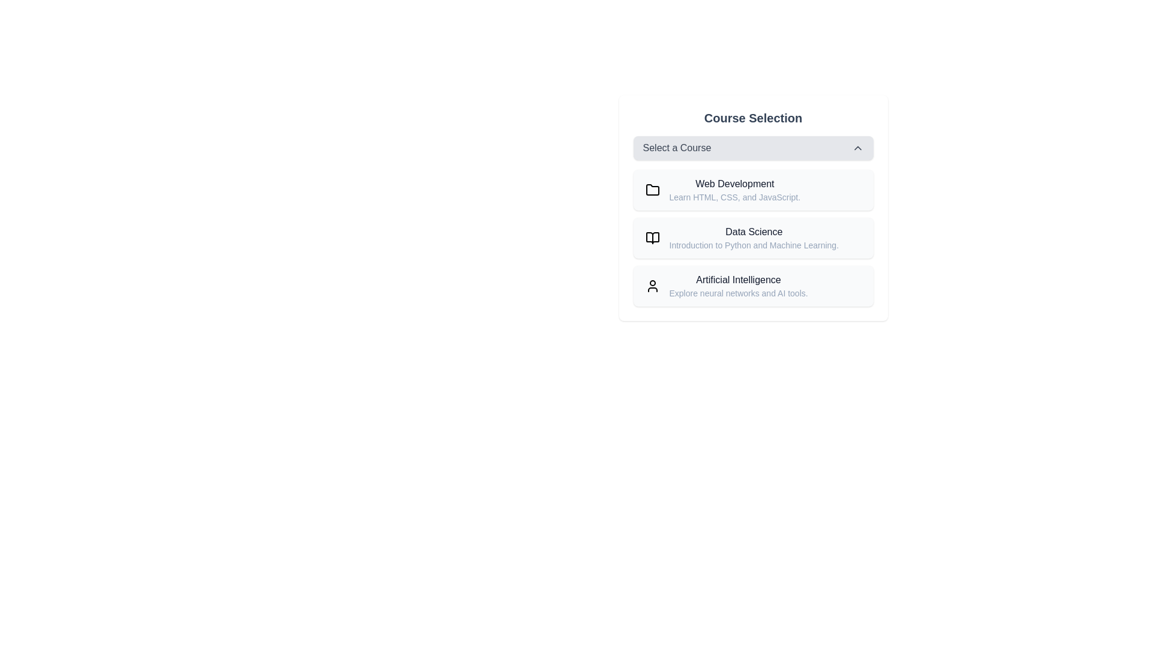 Image resolution: width=1152 pixels, height=648 pixels. Describe the element at coordinates (652, 286) in the screenshot. I see `the icon representing Artificial Intelligence to select it` at that location.